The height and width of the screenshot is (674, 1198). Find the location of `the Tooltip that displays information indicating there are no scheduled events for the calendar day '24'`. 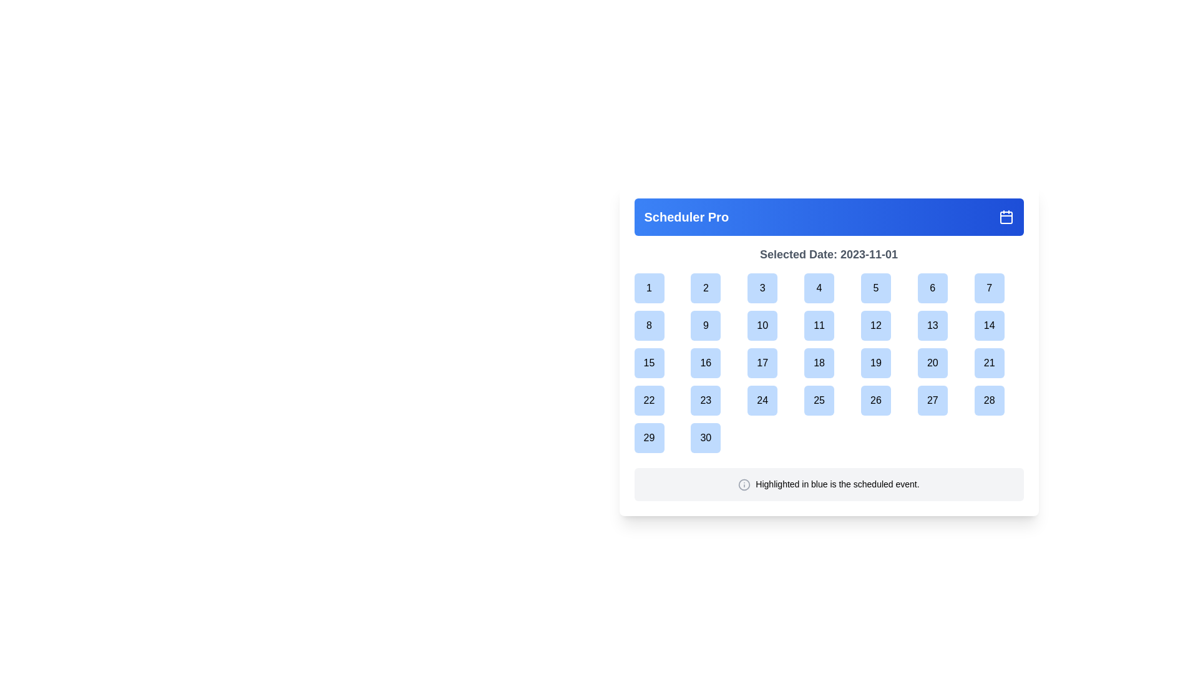

the Tooltip that displays information indicating there are no scheduled events for the calendar day '24' is located at coordinates (773, 425).